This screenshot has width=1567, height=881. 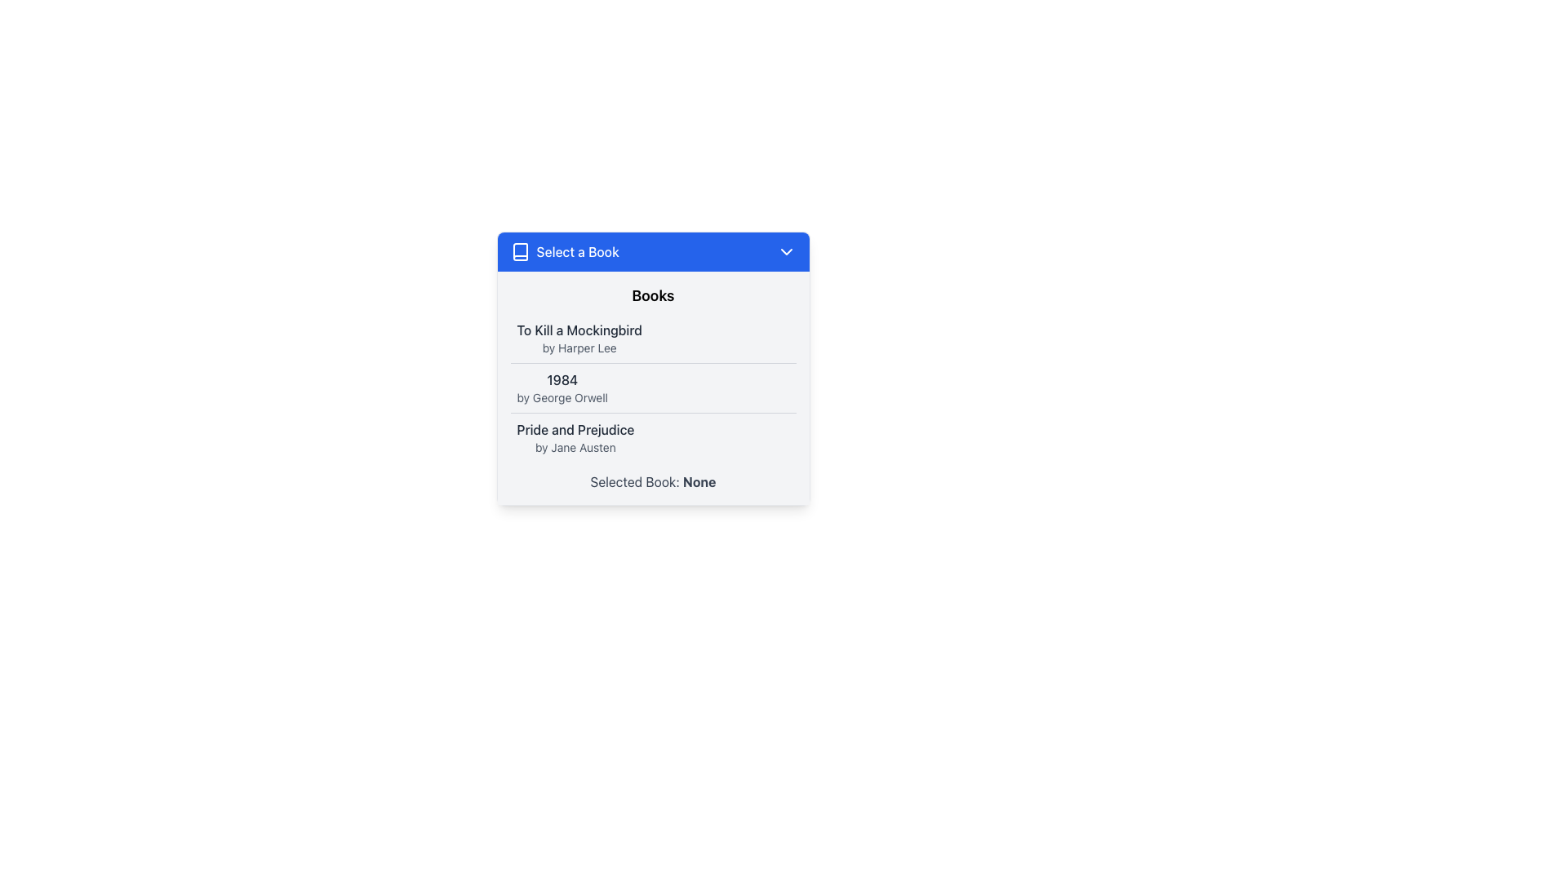 I want to click on the second book entry in the 'Select a Book' dropdown menu, so click(x=562, y=387).